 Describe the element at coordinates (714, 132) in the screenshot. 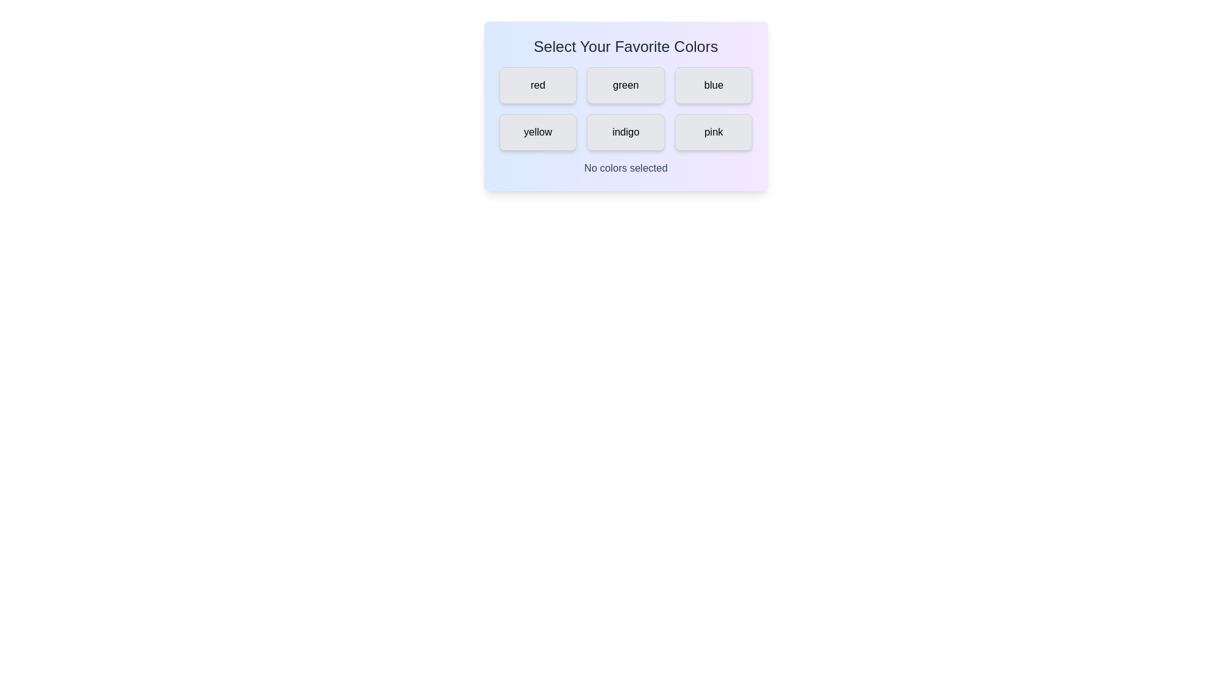

I see `the color tag labeled pink to select it` at that location.